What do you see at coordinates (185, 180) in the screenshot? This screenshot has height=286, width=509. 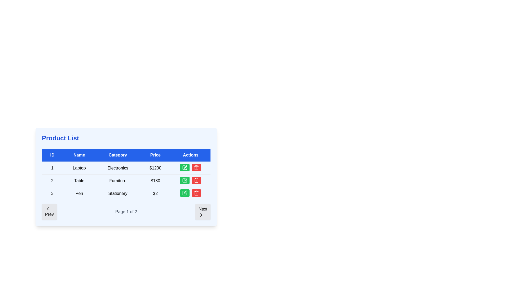 I see `the edit button located in the 'Actions' column of the second row of the table to change its appearance` at bounding box center [185, 180].